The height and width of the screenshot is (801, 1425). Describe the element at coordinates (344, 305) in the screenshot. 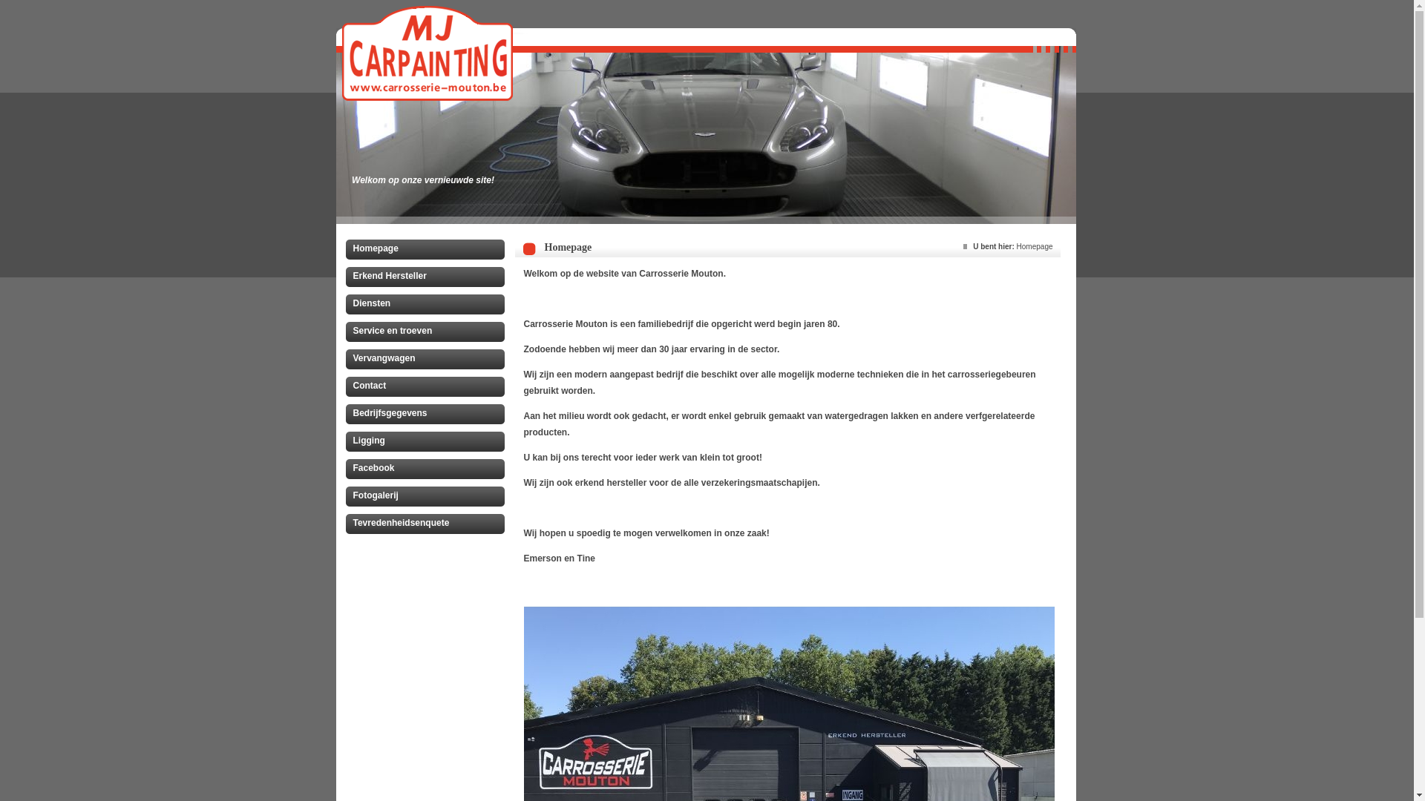

I see `'Diensten'` at that location.